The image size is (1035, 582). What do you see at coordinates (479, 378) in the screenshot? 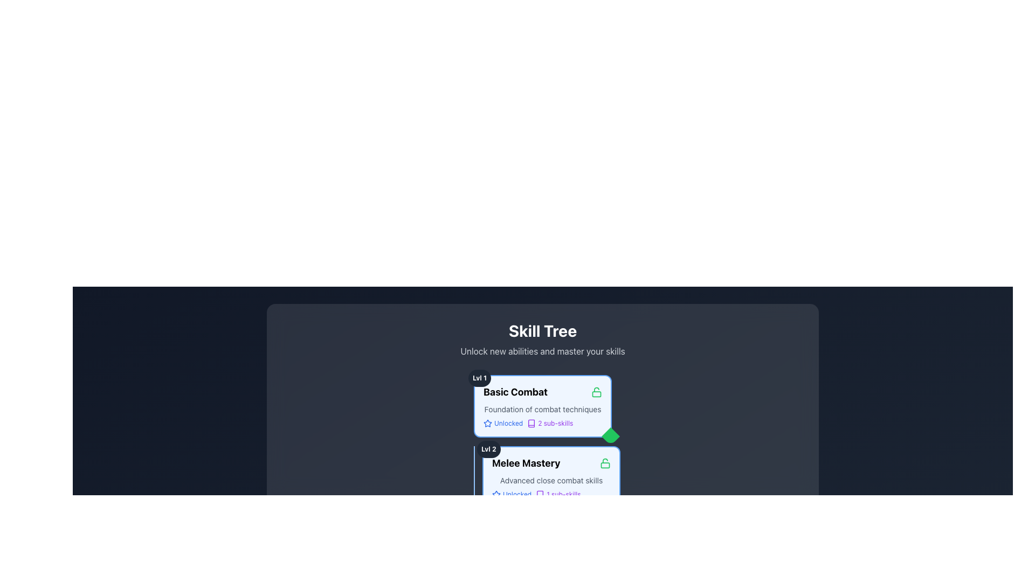
I see `the circular badge with a dark gray background and white bold text displaying 'Lvl 1', located near the top-left corner of the 'Basic Combat' card in the skill tree interface` at bounding box center [479, 378].